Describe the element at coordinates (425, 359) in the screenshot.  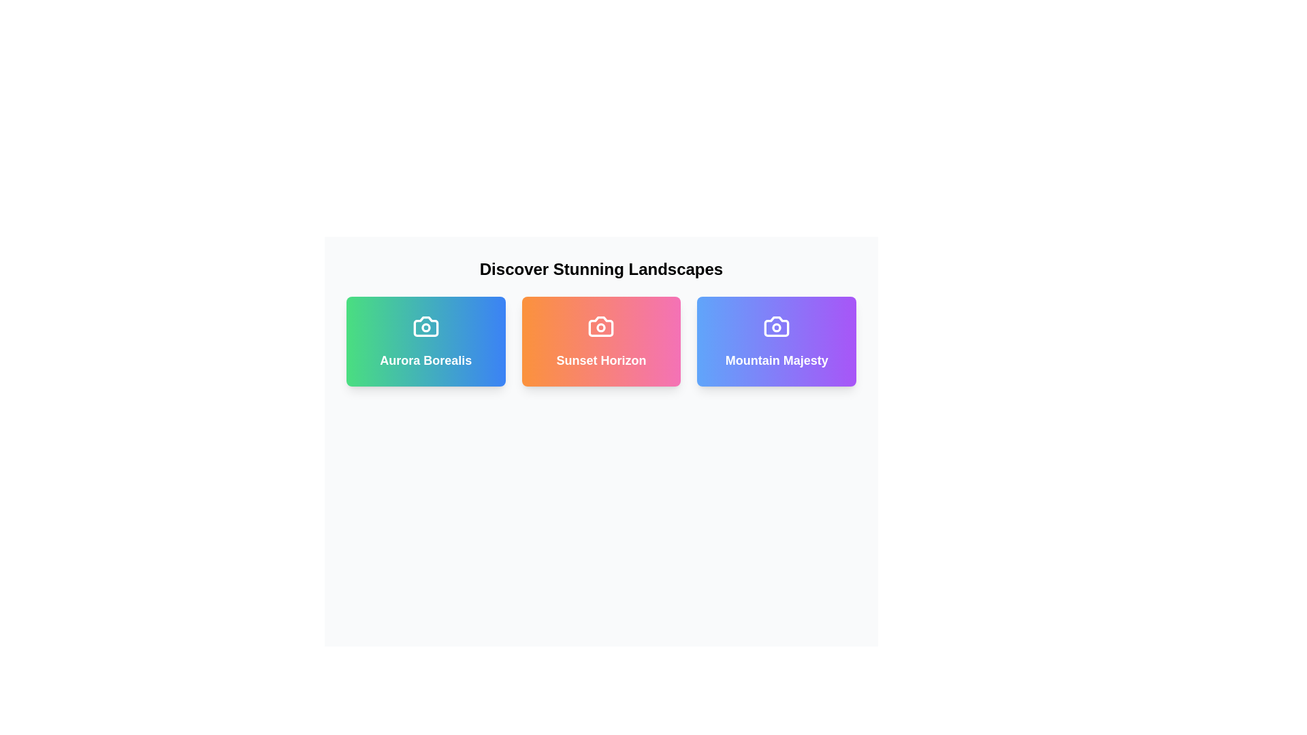
I see `text label displaying 'Aurora Borealis' in bold white font, located at the lower part of the gradient card, centered horizontally and positioned below the camera icon` at that location.